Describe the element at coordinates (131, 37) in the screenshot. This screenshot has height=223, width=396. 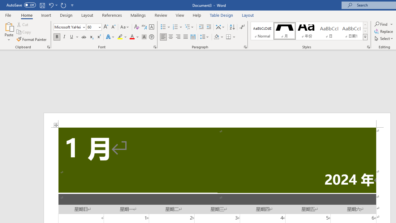
I see `'Font Color RGB(255, 0, 0)'` at that location.